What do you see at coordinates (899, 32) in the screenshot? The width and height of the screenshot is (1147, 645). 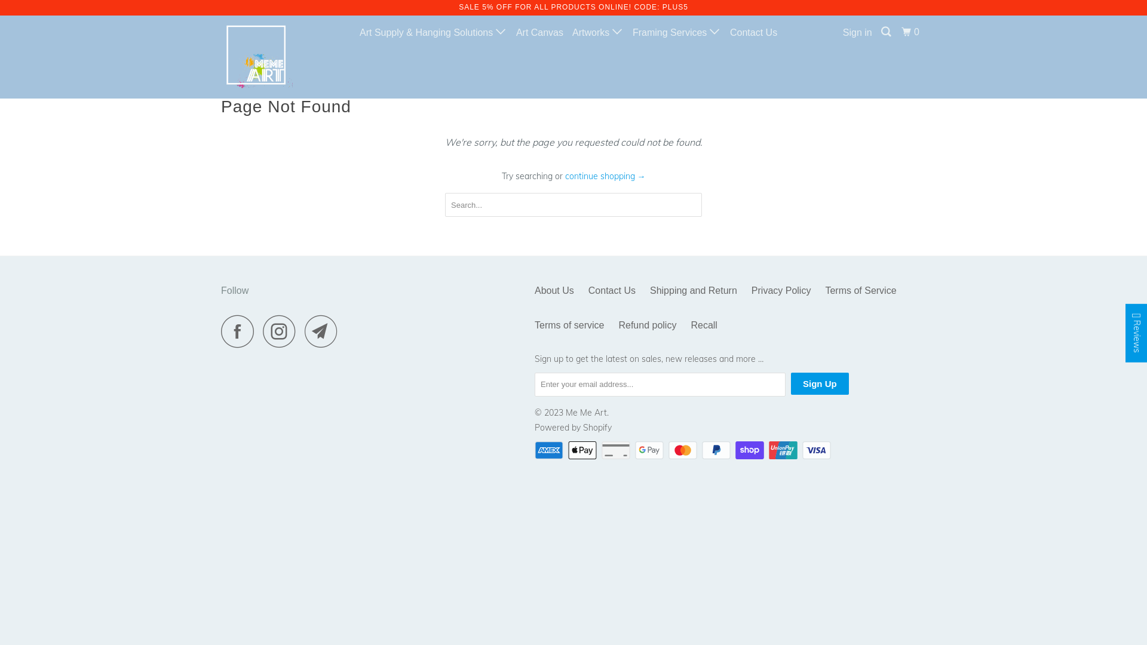 I see `'0'` at bounding box center [899, 32].